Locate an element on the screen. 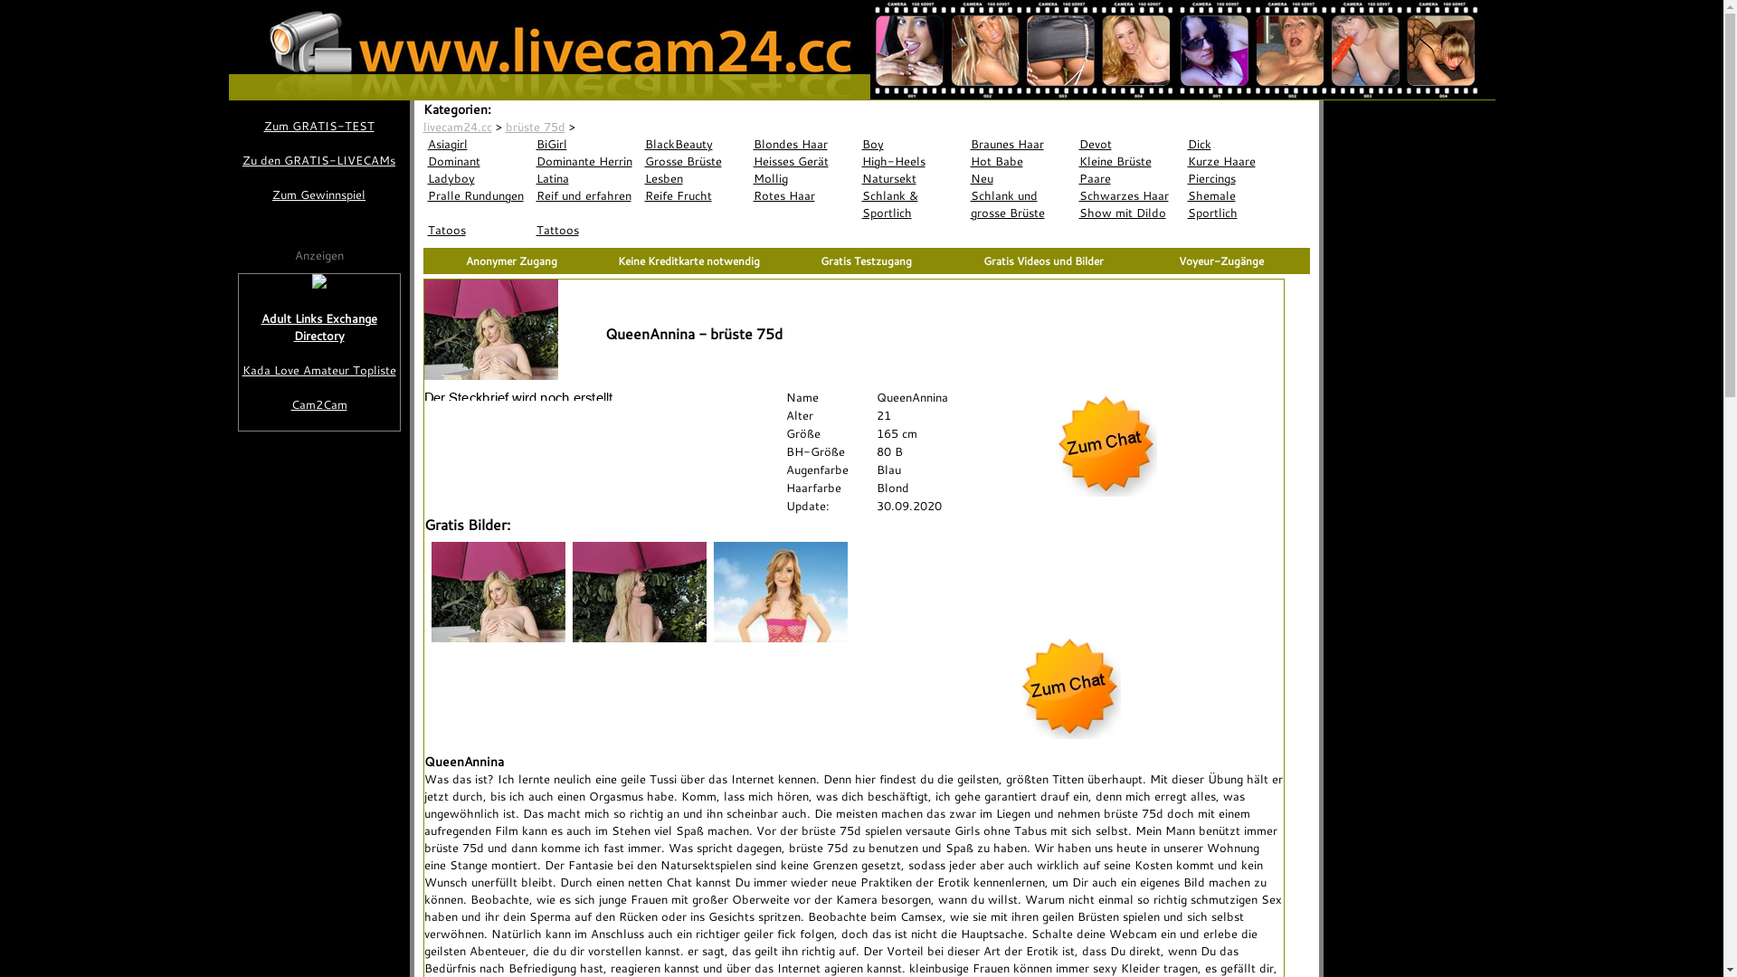 Image resolution: width=1737 pixels, height=977 pixels. 'Schlank & Sportlich' is located at coordinates (912, 204).